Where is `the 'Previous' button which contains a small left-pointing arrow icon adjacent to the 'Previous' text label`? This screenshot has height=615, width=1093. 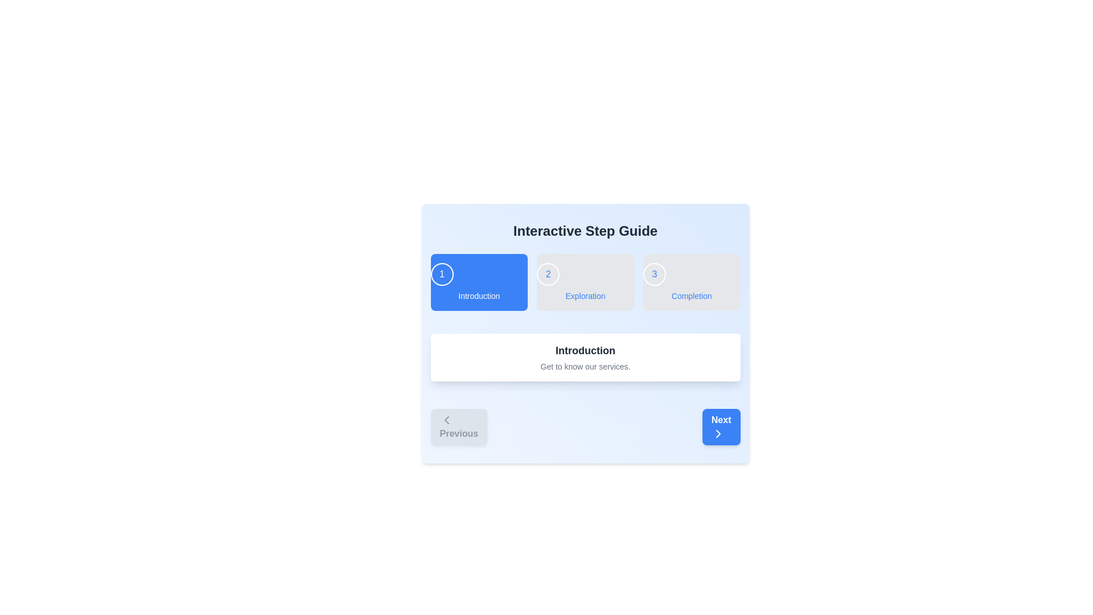
the 'Previous' button which contains a small left-pointing arrow icon adjacent to the 'Previous' text label is located at coordinates (446, 420).